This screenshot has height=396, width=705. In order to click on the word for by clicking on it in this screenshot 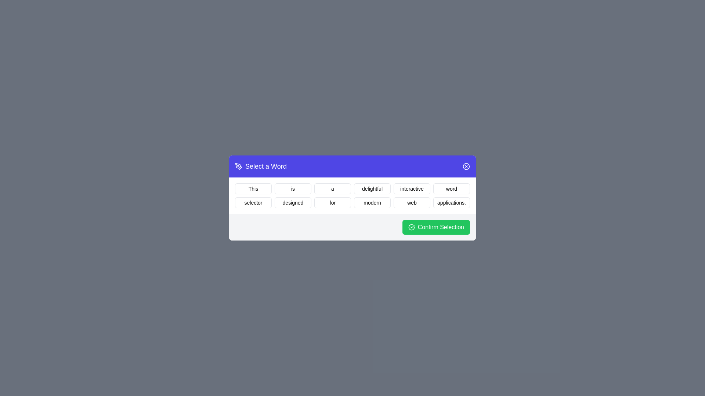, I will do `click(332, 202)`.